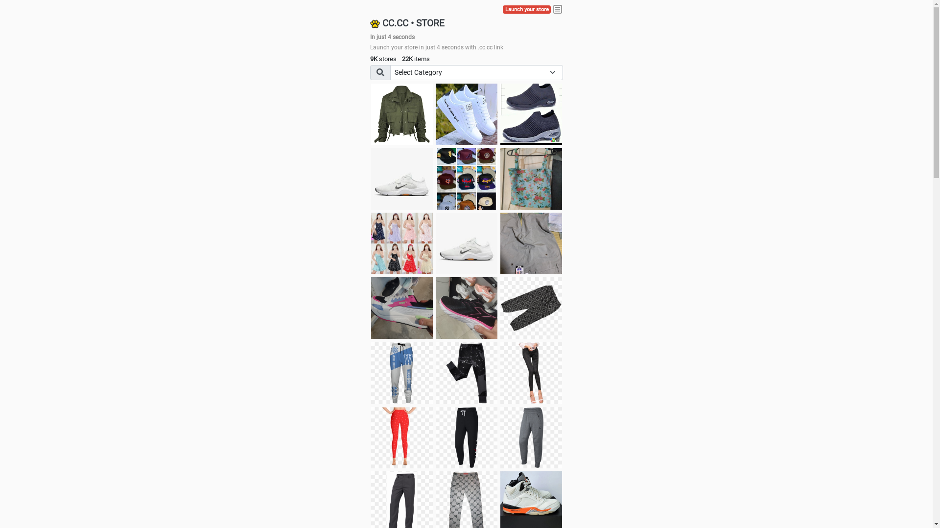 The height and width of the screenshot is (528, 940). What do you see at coordinates (500, 307) in the screenshot?
I see `'Short pant'` at bounding box center [500, 307].